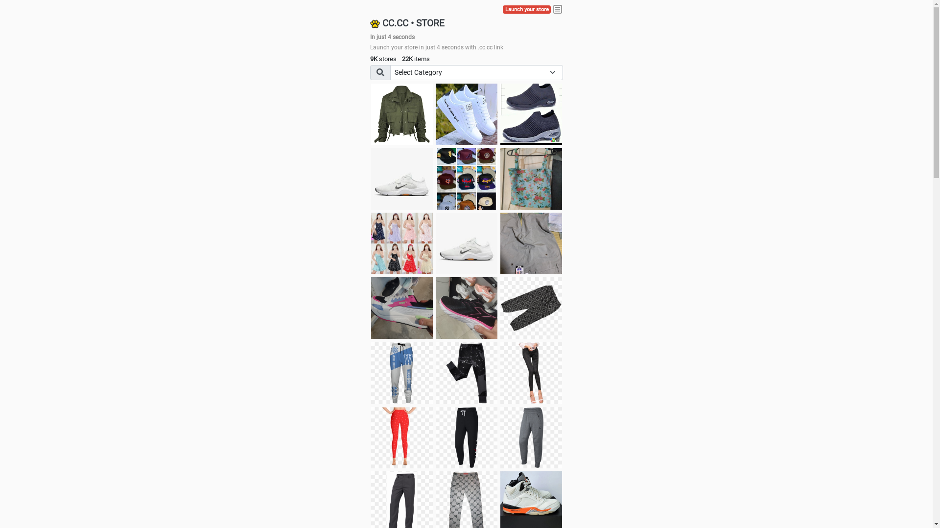 The height and width of the screenshot is (528, 940). What do you see at coordinates (500, 307) in the screenshot?
I see `'Short pant'` at bounding box center [500, 307].